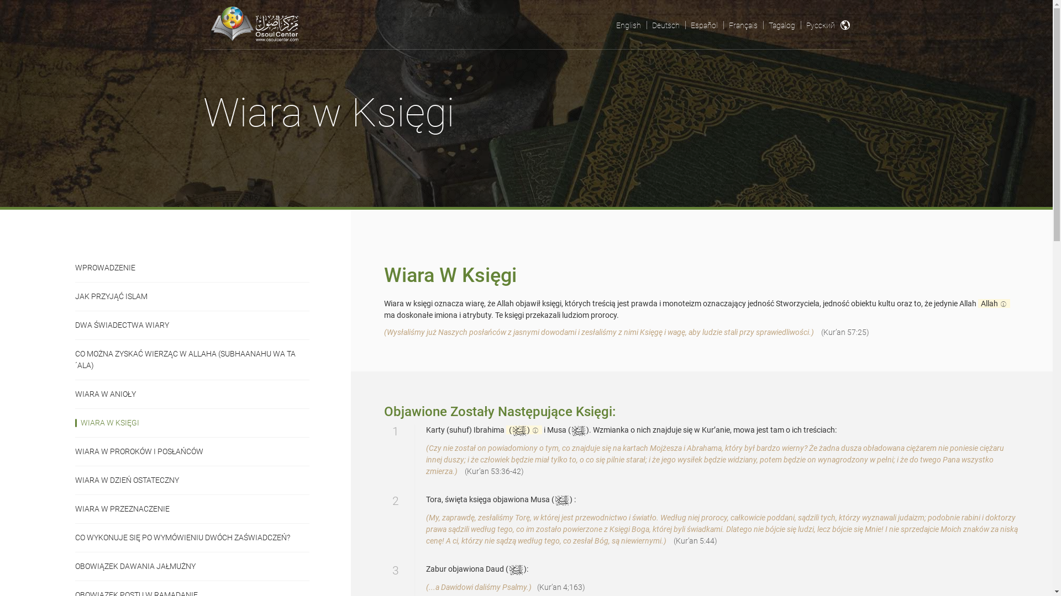 This screenshot has height=596, width=1061. Describe the element at coordinates (628, 25) in the screenshot. I see `'English'` at that location.